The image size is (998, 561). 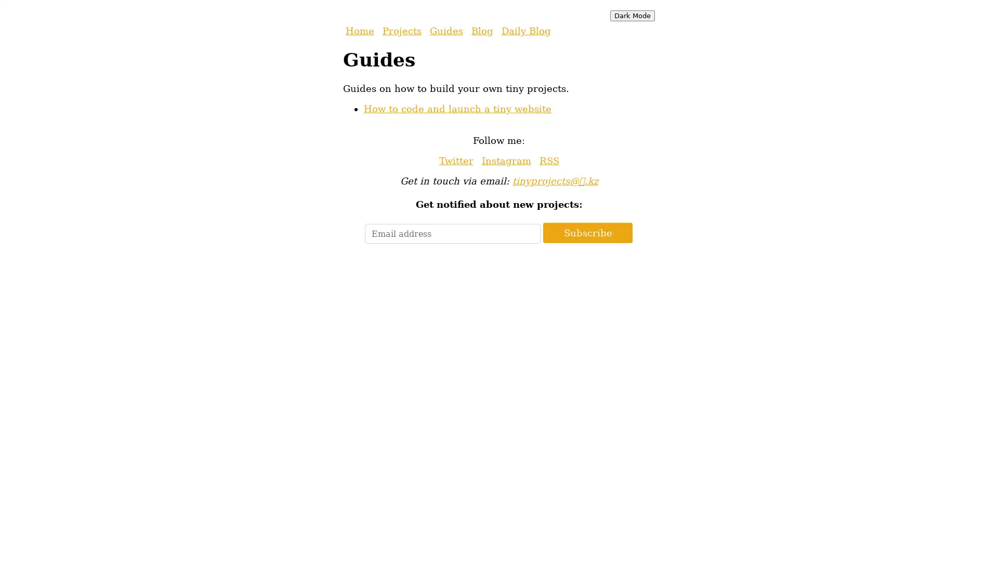 I want to click on Subscribe, so click(x=588, y=232).